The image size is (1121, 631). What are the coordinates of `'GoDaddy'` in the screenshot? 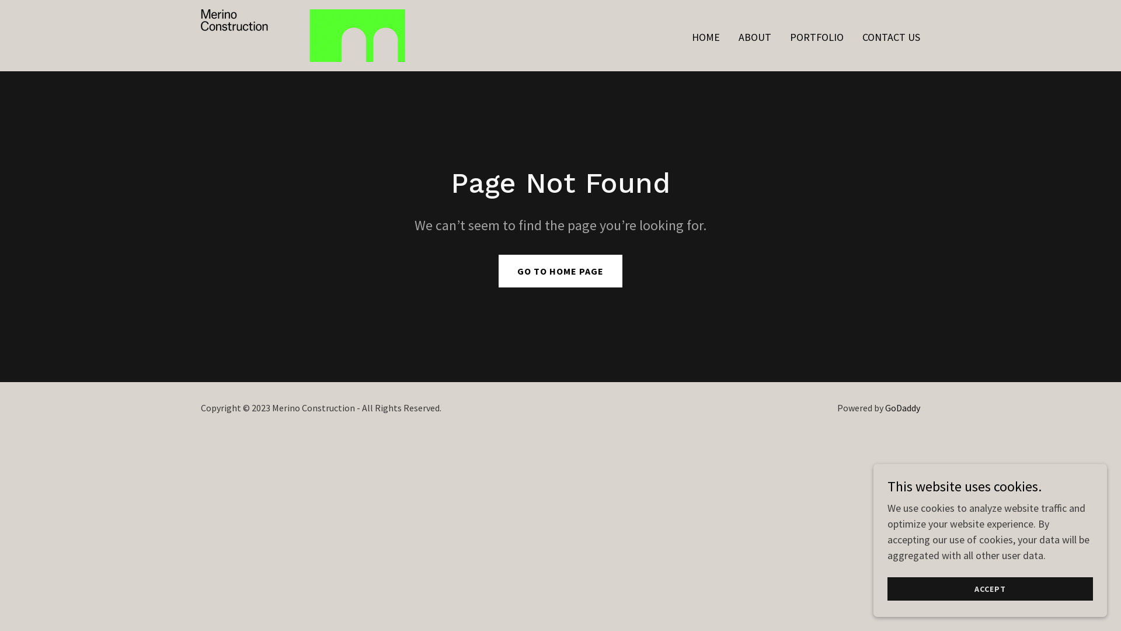 It's located at (885, 407).